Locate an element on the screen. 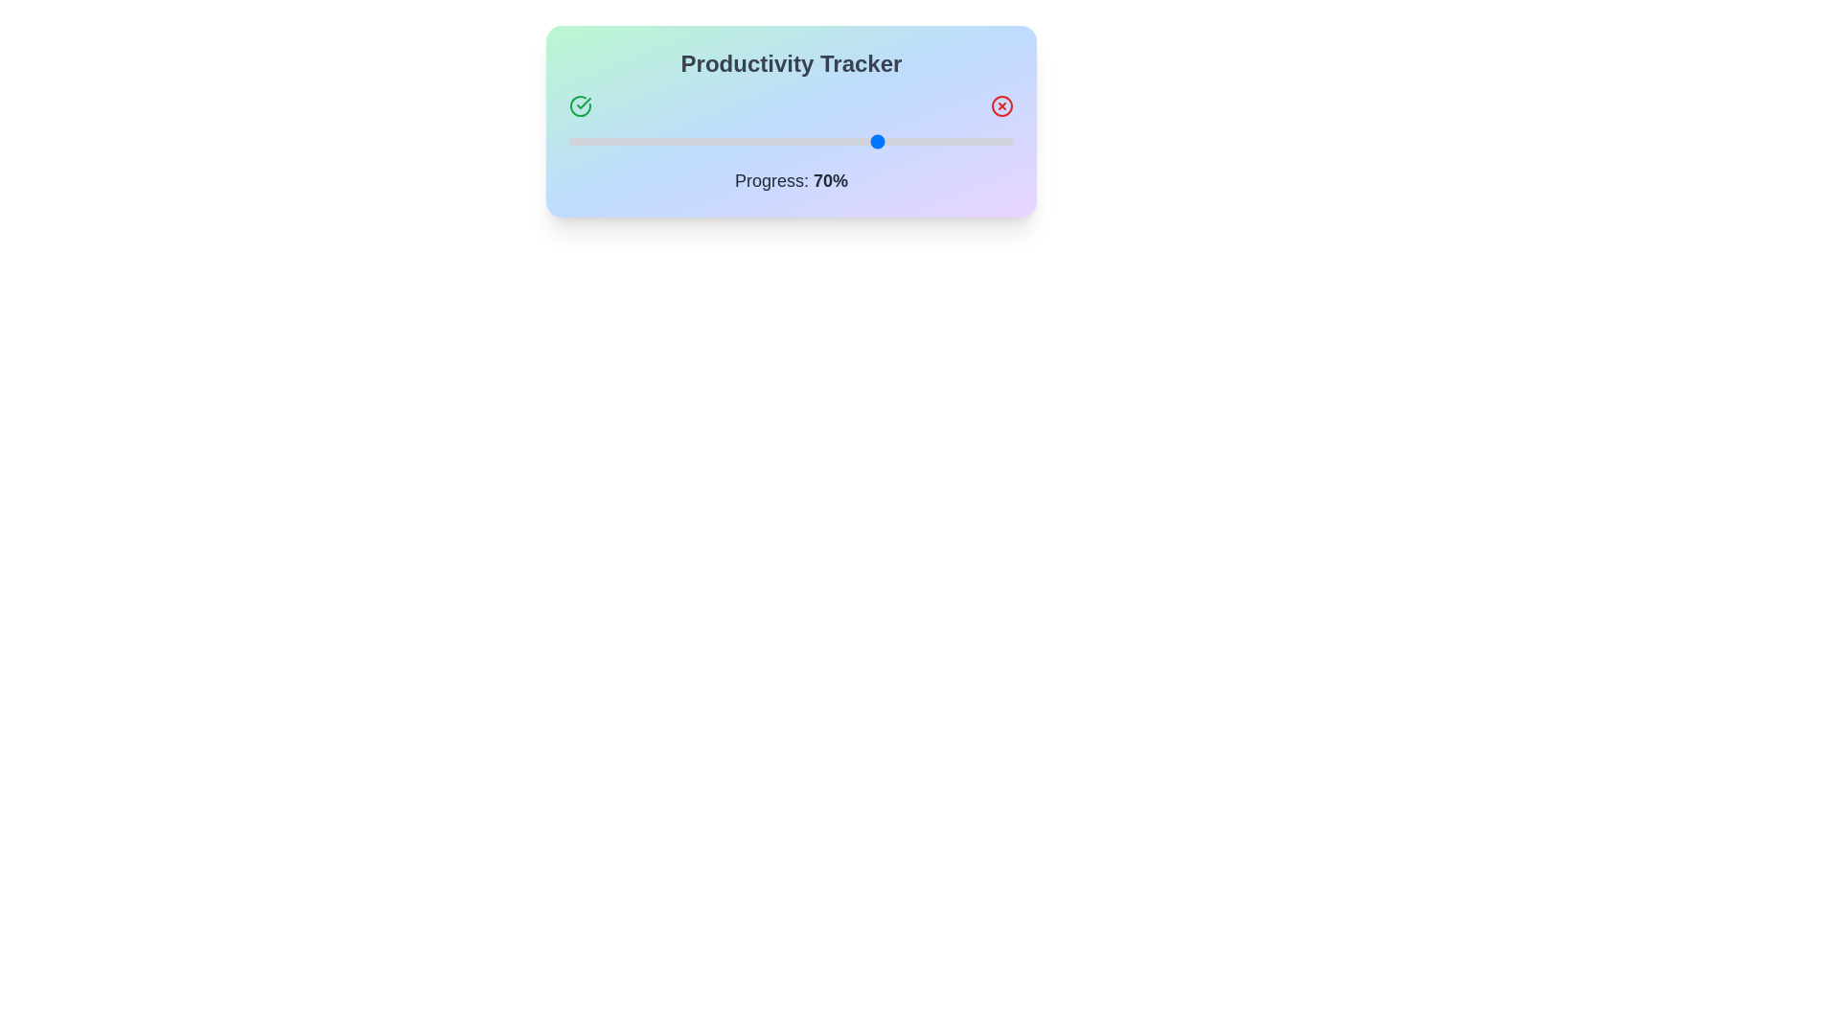  the progress value is located at coordinates (689, 140).